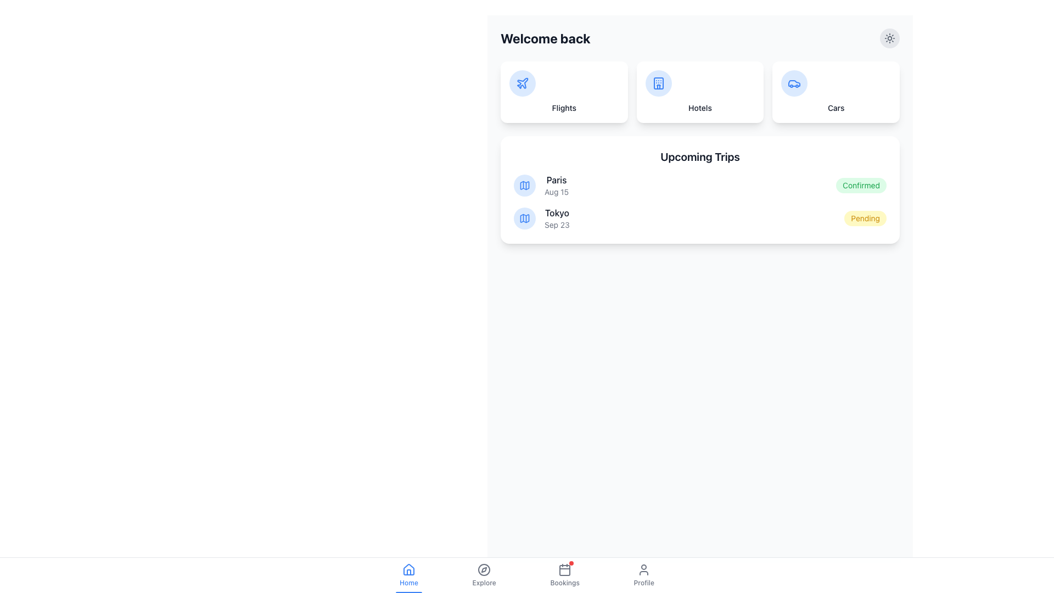 The width and height of the screenshot is (1054, 593). I want to click on the text label displaying 'Profile', which is the fourth item in the bottom navigation bar, located centrally below the user-profile icon, so click(644, 582).